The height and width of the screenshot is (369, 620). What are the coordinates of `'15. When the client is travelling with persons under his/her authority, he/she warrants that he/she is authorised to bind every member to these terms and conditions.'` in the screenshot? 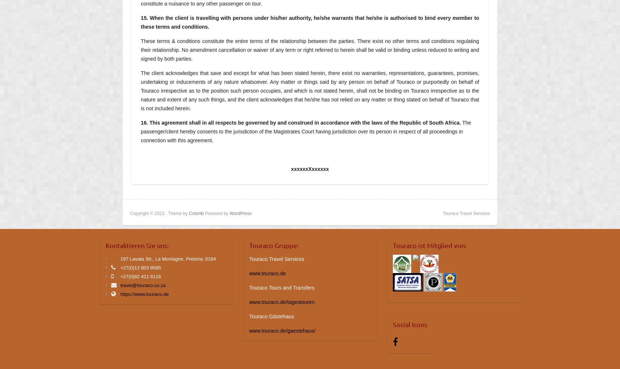 It's located at (310, 22).